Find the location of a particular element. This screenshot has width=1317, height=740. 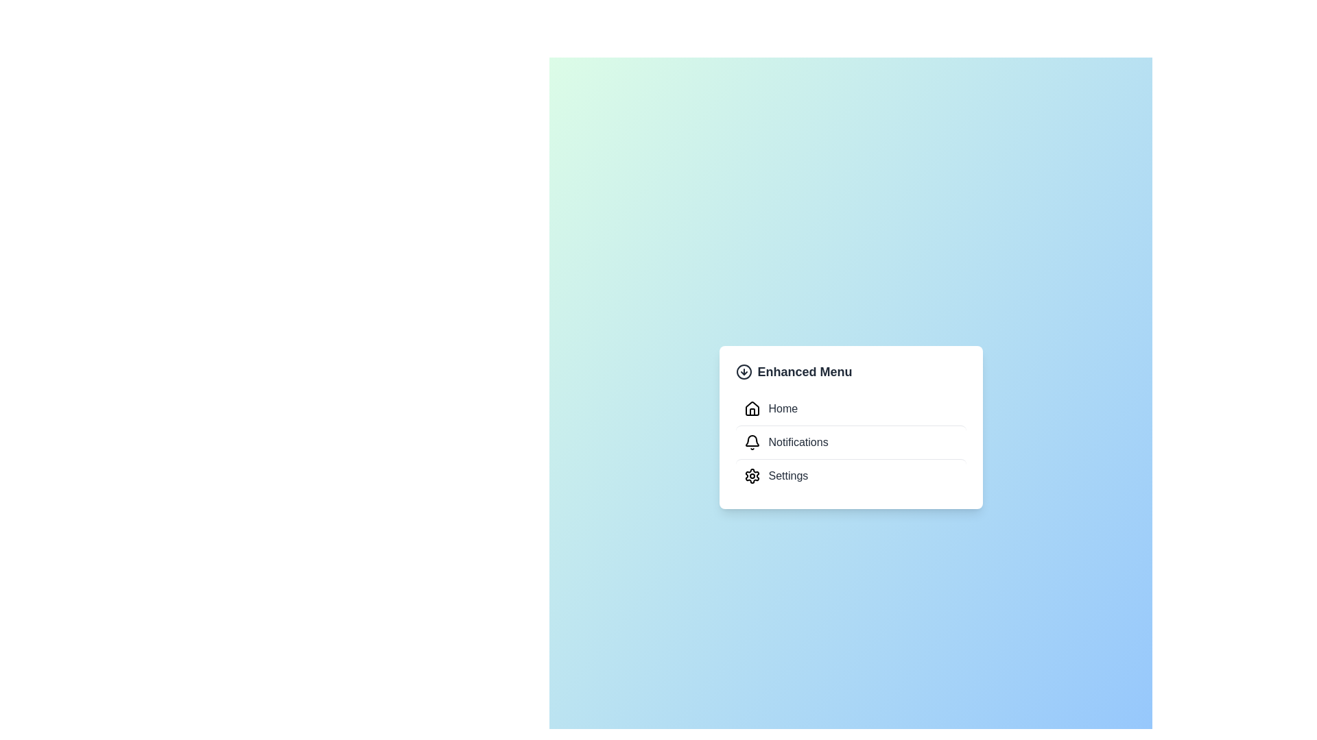

the Settings menu item to navigate is located at coordinates (850, 475).